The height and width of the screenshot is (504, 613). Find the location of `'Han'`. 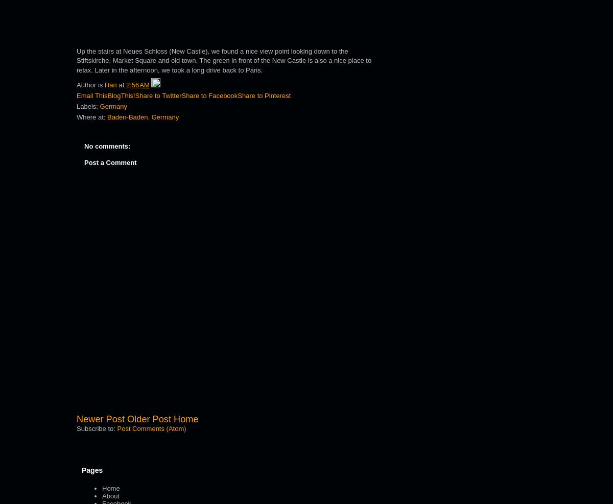

'Han' is located at coordinates (110, 84).